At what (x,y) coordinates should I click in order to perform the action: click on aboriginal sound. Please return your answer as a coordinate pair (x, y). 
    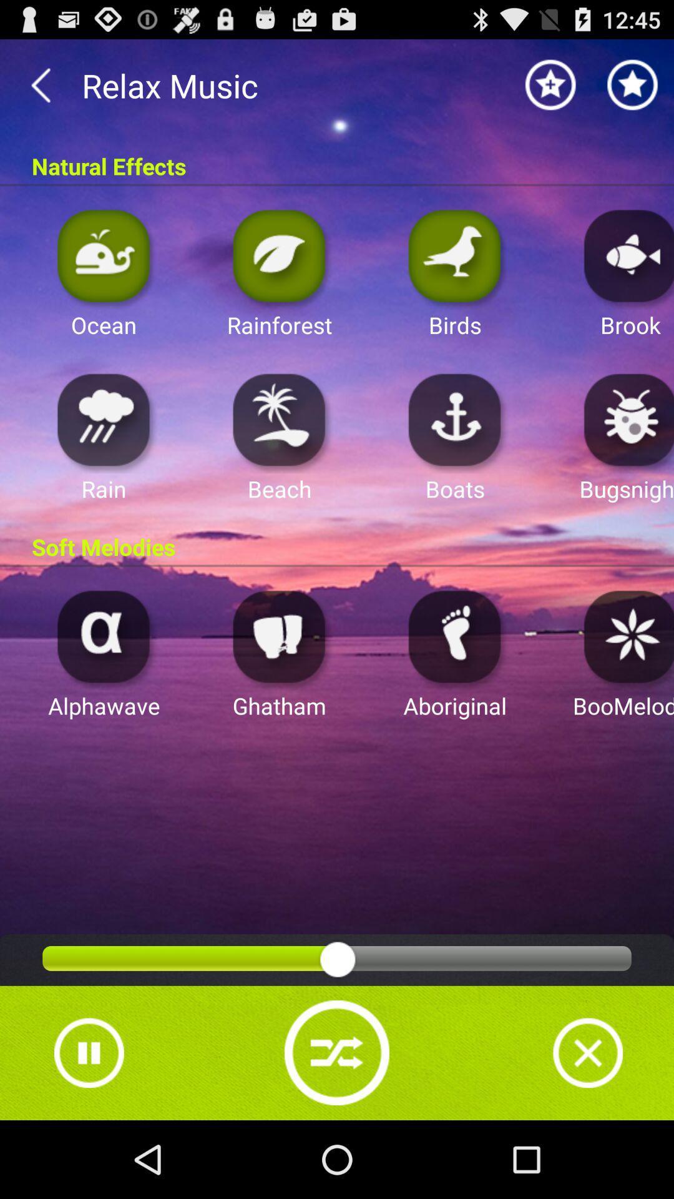
    Looking at the image, I should click on (455, 636).